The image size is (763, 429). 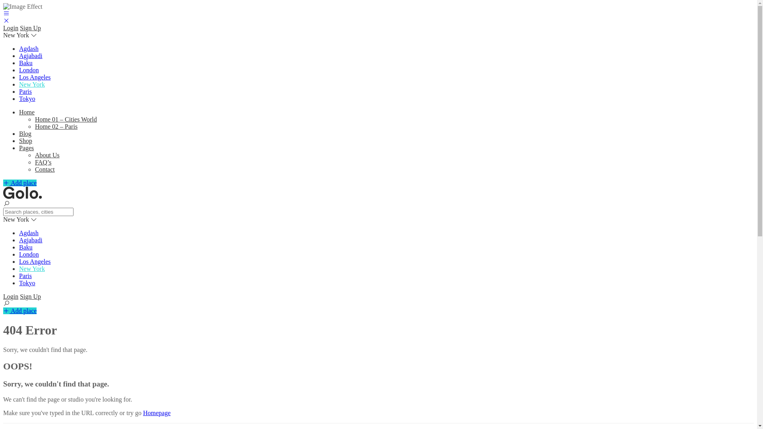 What do you see at coordinates (26, 247) in the screenshot?
I see `'Baku'` at bounding box center [26, 247].